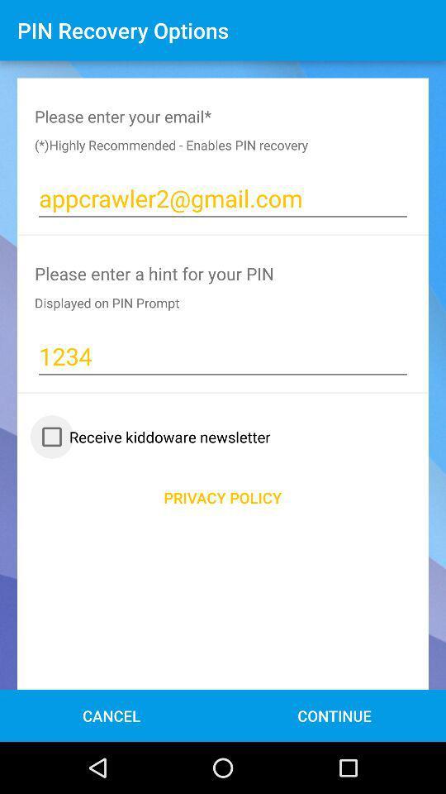 This screenshot has width=446, height=794. Describe the element at coordinates (223, 356) in the screenshot. I see `the second text field on the web page` at that location.